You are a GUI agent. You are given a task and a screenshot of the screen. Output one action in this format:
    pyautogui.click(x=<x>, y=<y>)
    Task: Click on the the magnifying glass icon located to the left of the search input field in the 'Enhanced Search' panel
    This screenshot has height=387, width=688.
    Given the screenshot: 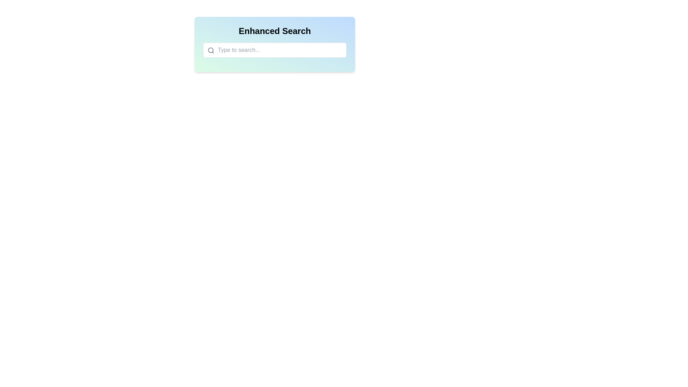 What is the action you would take?
    pyautogui.click(x=274, y=44)
    